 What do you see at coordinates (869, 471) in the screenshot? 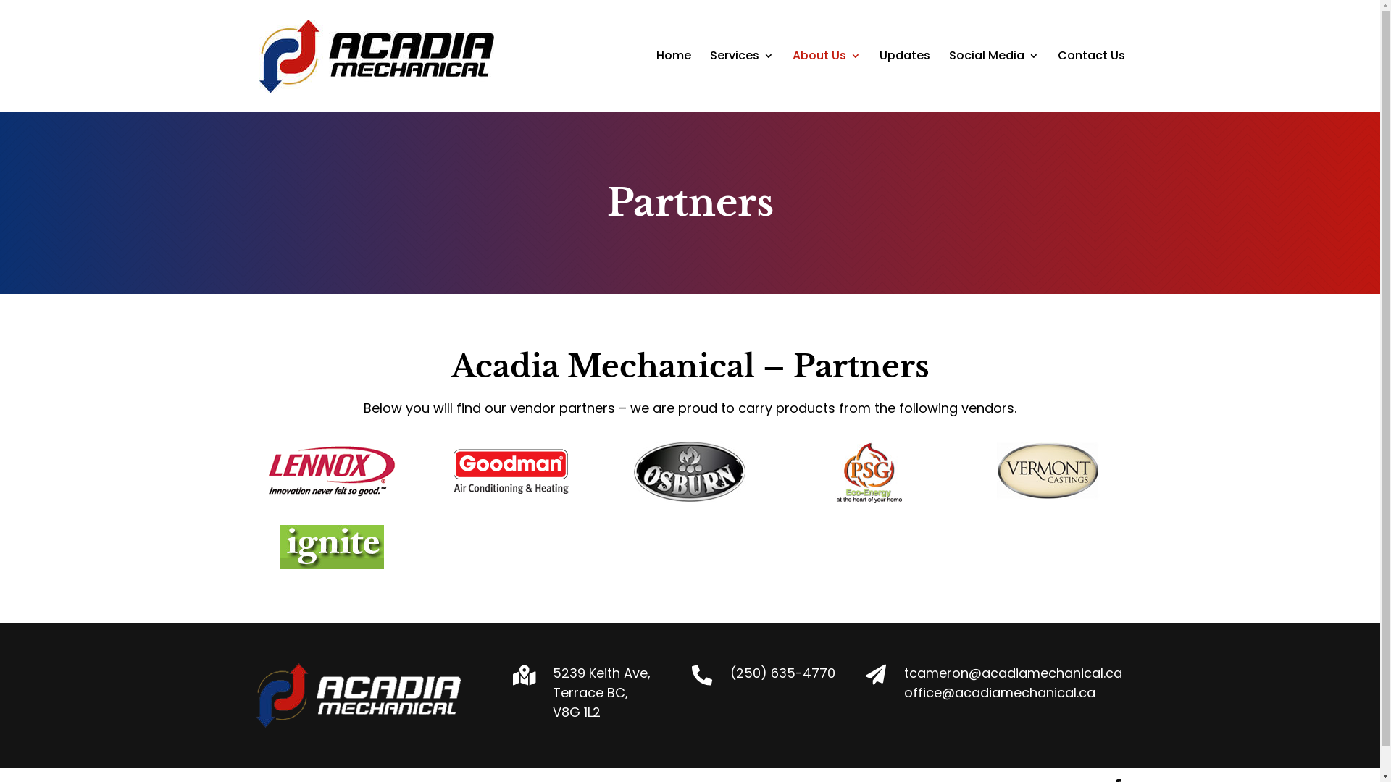
I see `'psgLogo'` at bounding box center [869, 471].